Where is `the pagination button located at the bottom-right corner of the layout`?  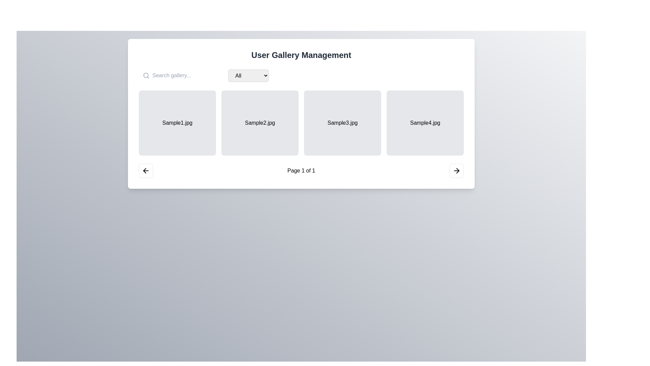
the pagination button located at the bottom-right corner of the layout is located at coordinates (456, 170).